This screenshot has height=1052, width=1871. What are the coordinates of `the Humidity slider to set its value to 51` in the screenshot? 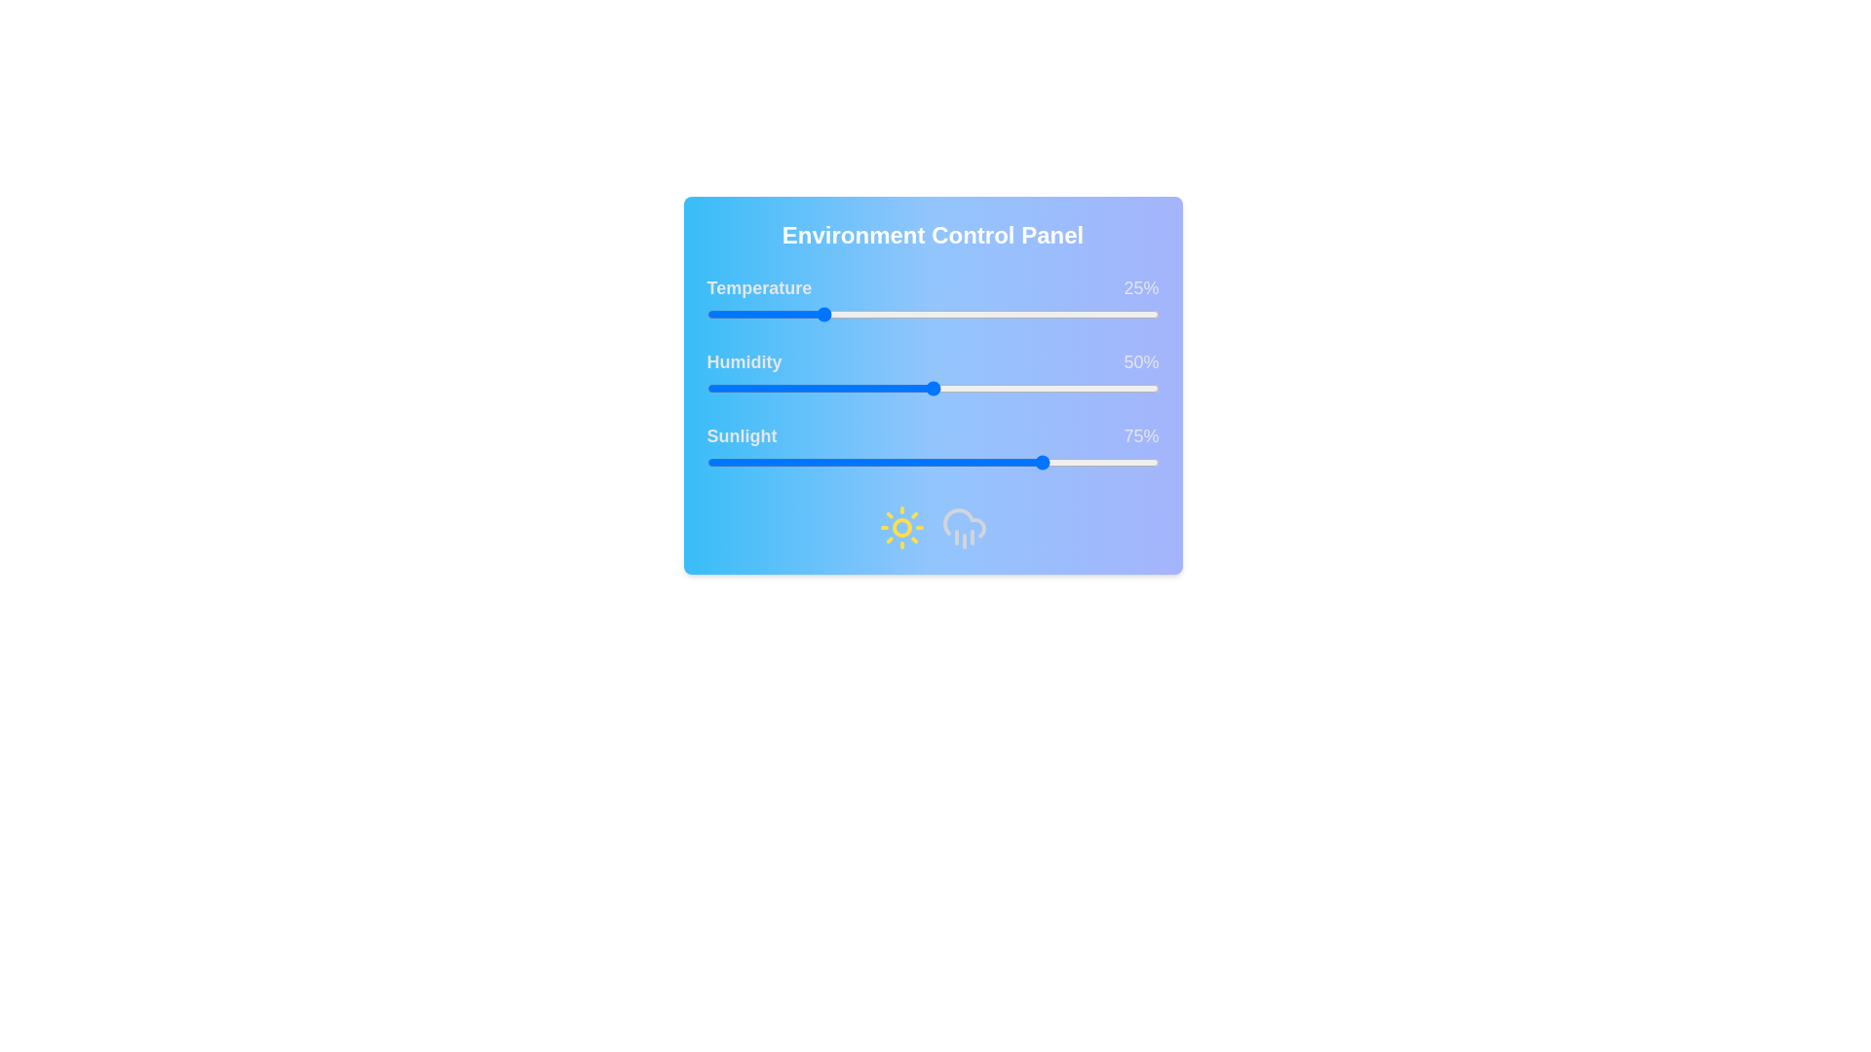 It's located at (937, 388).